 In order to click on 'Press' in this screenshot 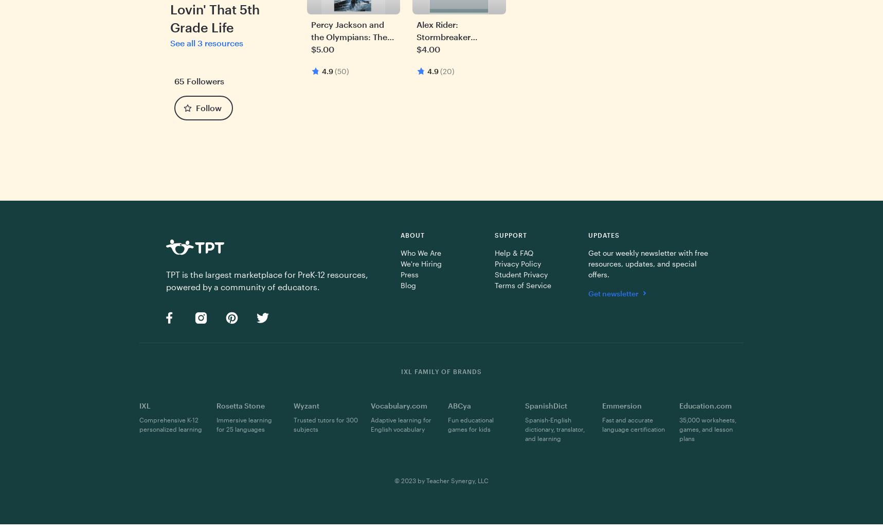, I will do `click(409, 274)`.